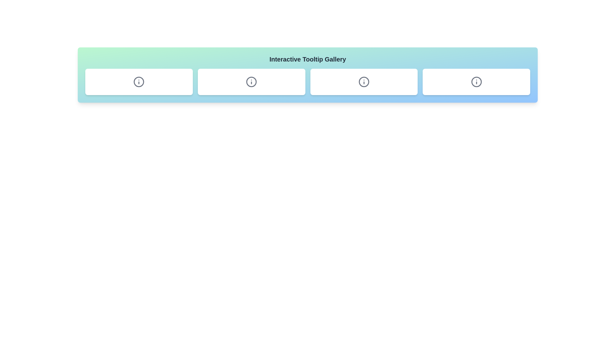 This screenshot has width=602, height=339. Describe the element at coordinates (251, 82) in the screenshot. I see `the 'info' icon, which is the second icon in a row of four, featuring a circular border and an 'i' symbol inside. The icon changes color from gray to blue on hover` at that location.